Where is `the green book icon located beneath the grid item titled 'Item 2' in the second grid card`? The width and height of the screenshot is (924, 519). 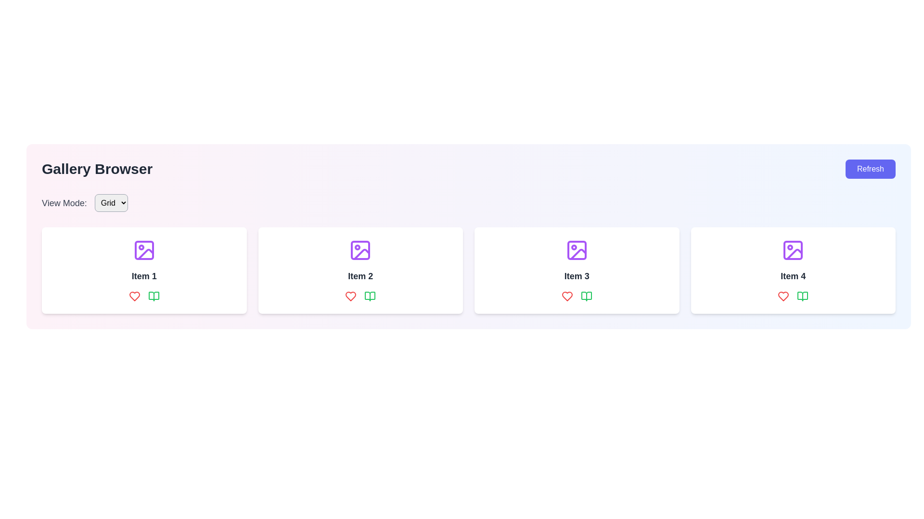 the green book icon located beneath the grid item titled 'Item 2' in the second grid card is located at coordinates (370, 296).